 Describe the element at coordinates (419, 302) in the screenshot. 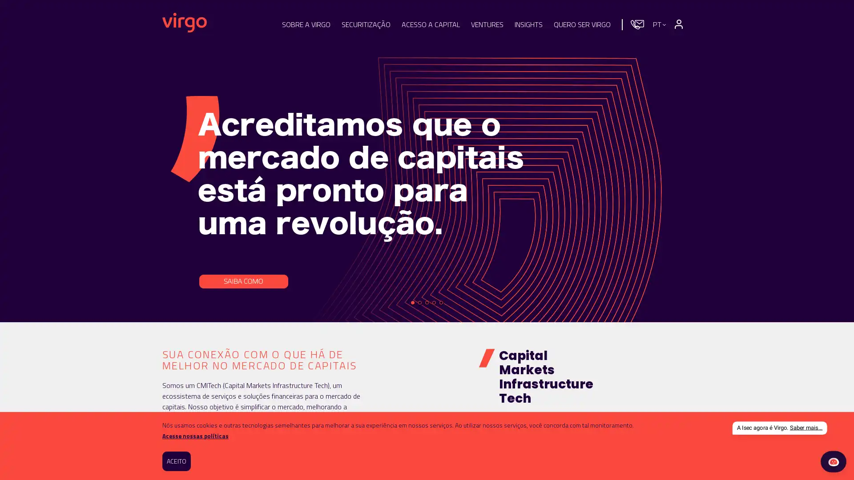

I see `Go to slide 2` at that location.